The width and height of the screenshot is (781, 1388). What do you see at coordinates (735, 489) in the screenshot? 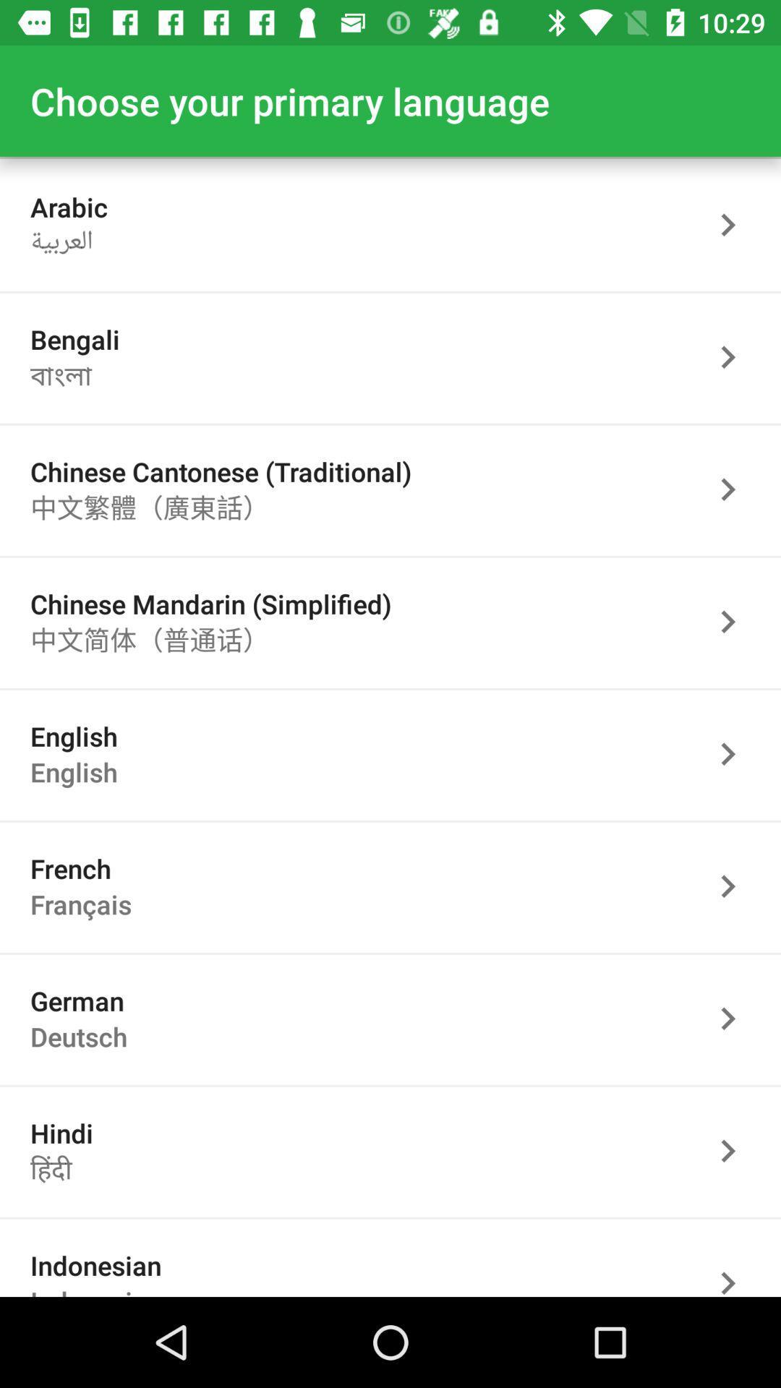
I see `go next page` at bounding box center [735, 489].